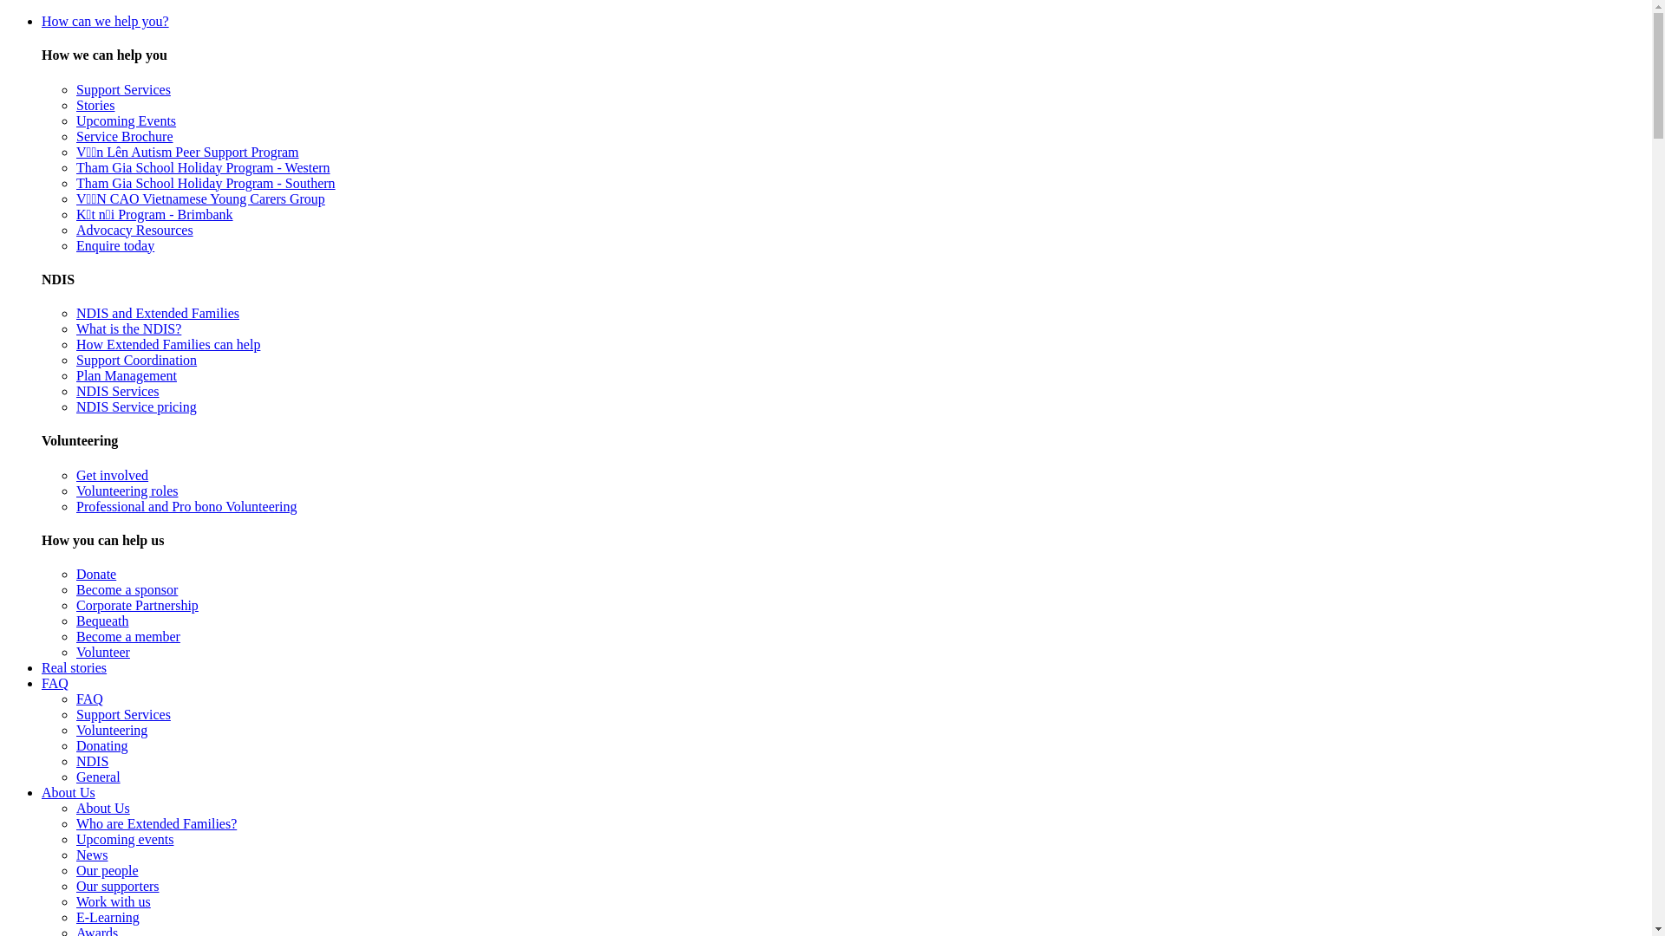 The height and width of the screenshot is (936, 1665). What do you see at coordinates (206, 183) in the screenshot?
I see `'Tham Gia School Holiday Program - Southern'` at bounding box center [206, 183].